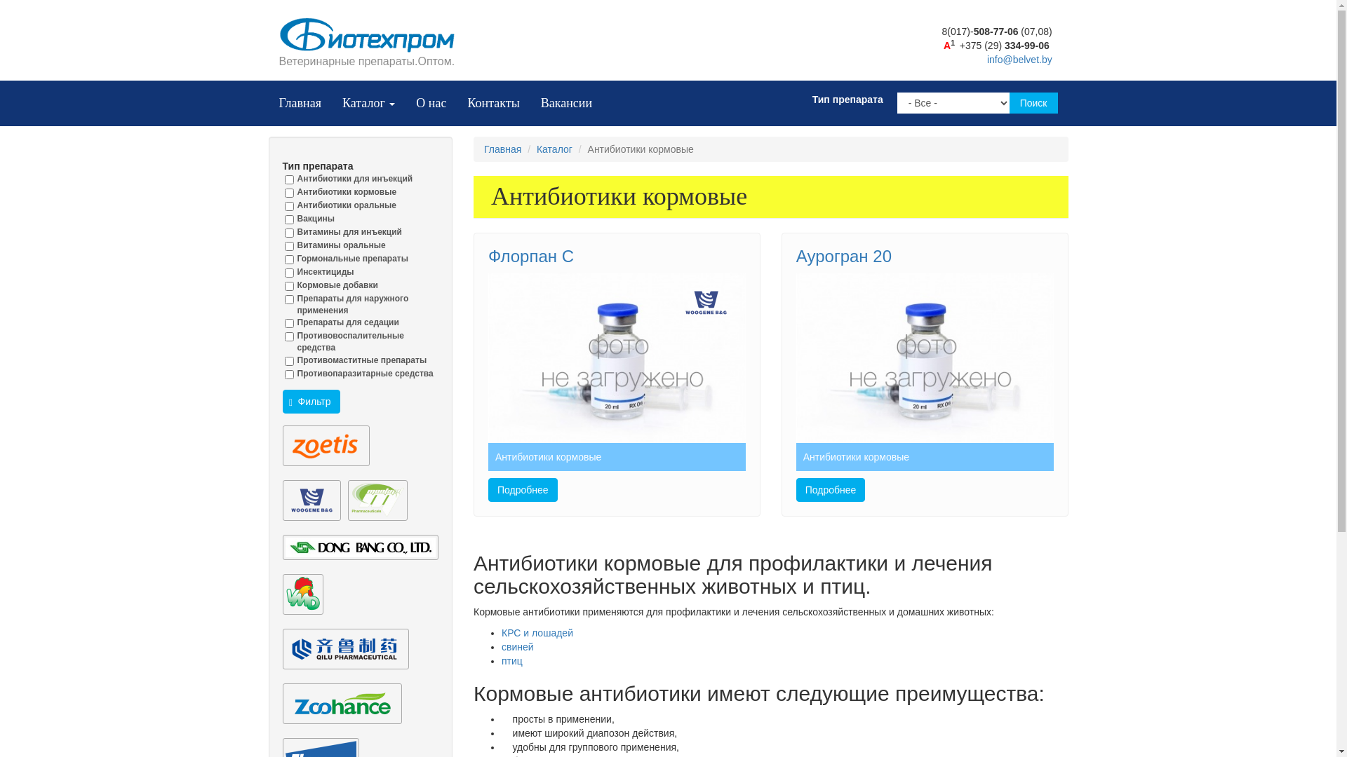 The height and width of the screenshot is (757, 1347). What do you see at coordinates (706, 302) in the screenshot?
I see `'Woogene B&G'` at bounding box center [706, 302].